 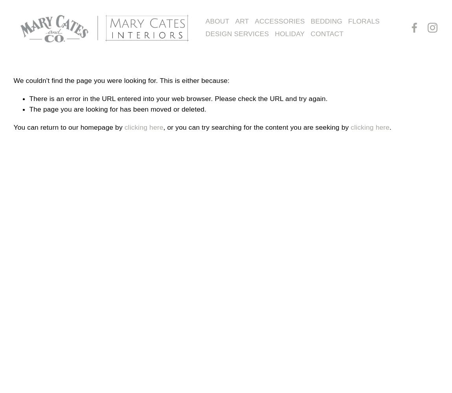 What do you see at coordinates (163, 127) in the screenshot?
I see `', or you can try searching for the
  content you are seeking by'` at bounding box center [163, 127].